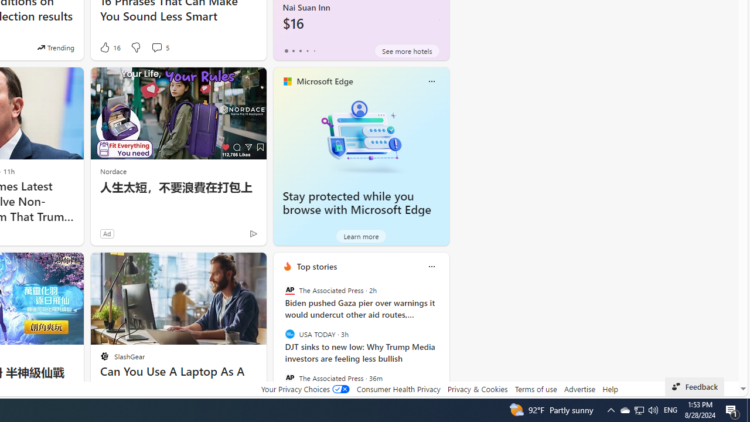 The height and width of the screenshot is (422, 750). Describe the element at coordinates (135, 47) in the screenshot. I see `'Dislike'` at that location.